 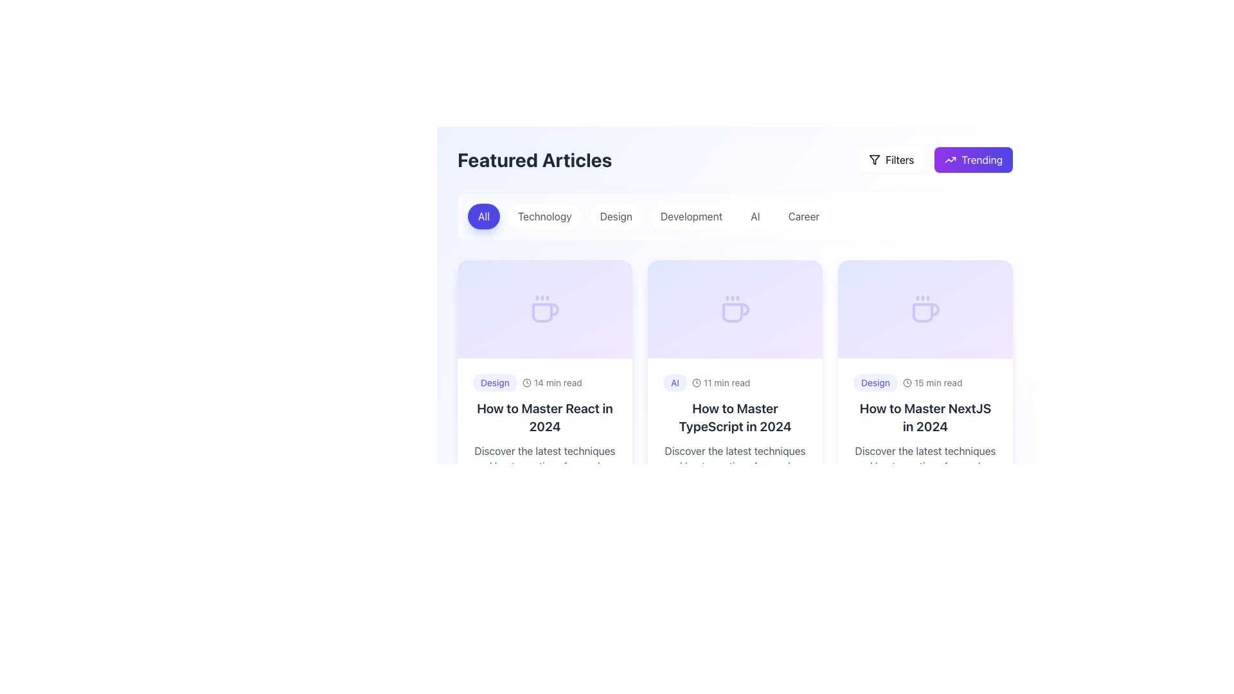 What do you see at coordinates (526, 382) in the screenshot?
I see `the circular component of the clock icon located in the top-right corner of the list item labeled 'How to Master React in 2024.'` at bounding box center [526, 382].